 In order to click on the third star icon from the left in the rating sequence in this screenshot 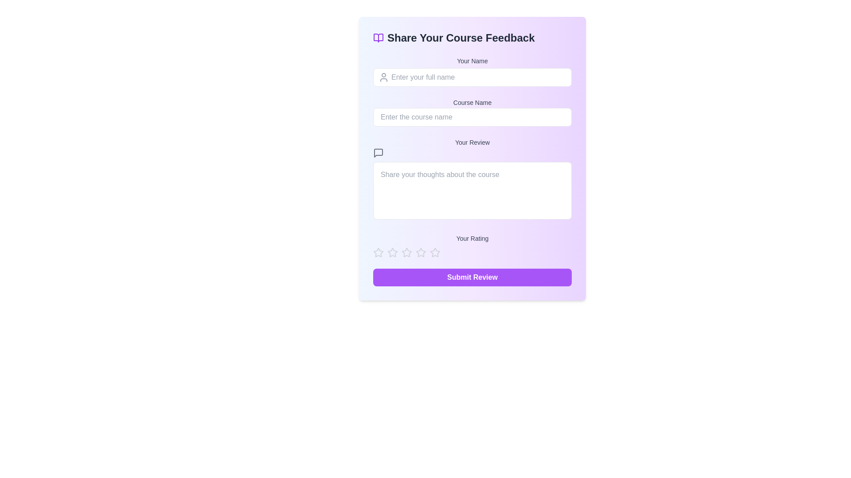, I will do `click(392, 252)`.